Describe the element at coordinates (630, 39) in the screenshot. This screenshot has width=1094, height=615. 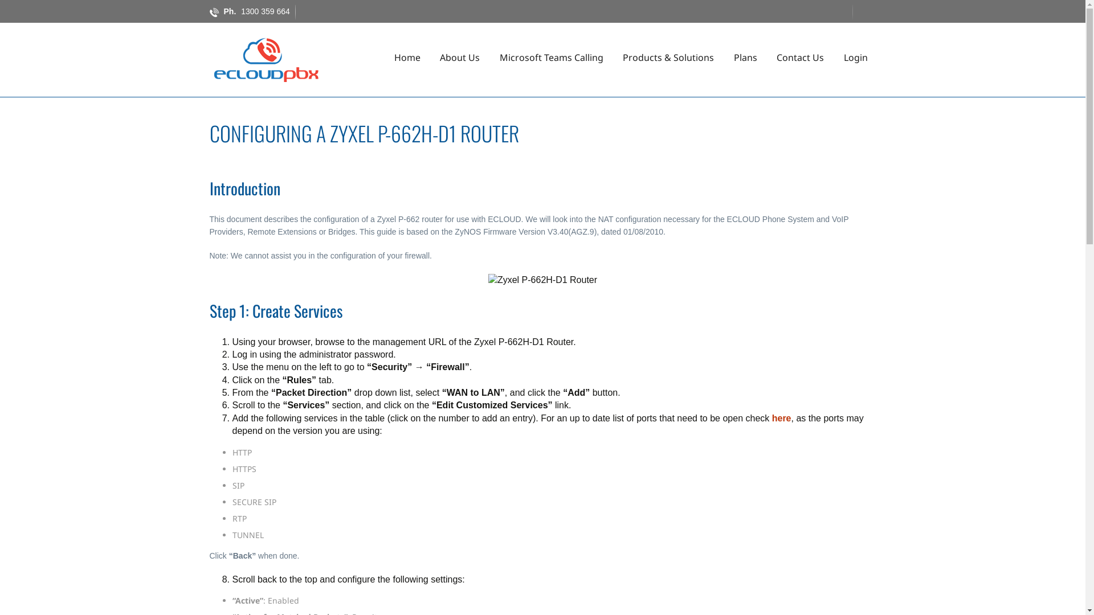
I see `'Skip to content'` at that location.